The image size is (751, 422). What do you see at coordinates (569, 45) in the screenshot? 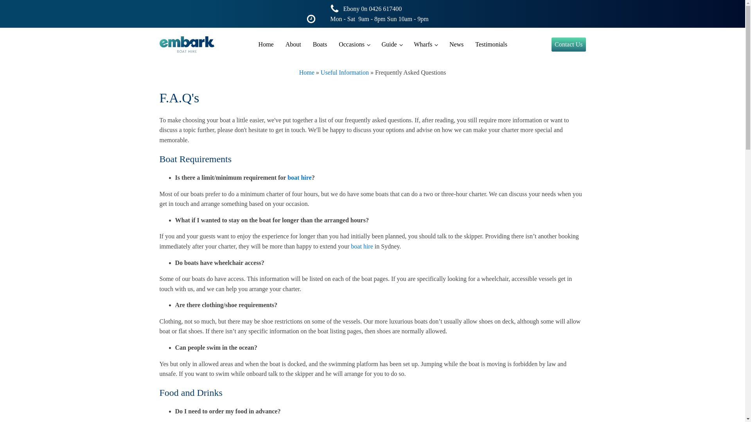
I see `'Contact Us'` at bounding box center [569, 45].